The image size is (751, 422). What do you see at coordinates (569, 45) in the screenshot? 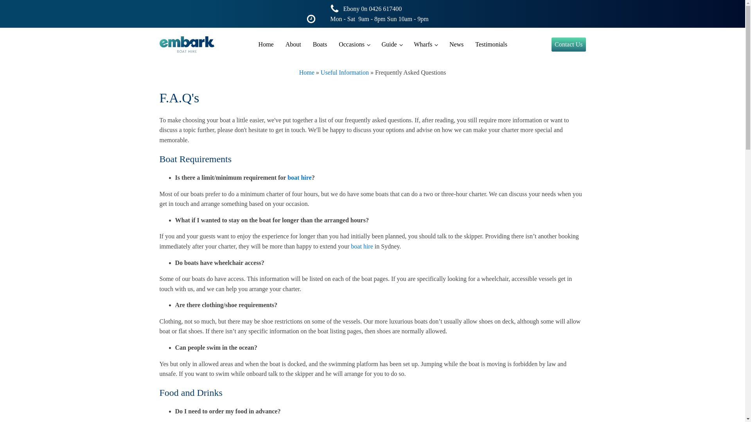
I see `'Contact Us'` at bounding box center [569, 45].